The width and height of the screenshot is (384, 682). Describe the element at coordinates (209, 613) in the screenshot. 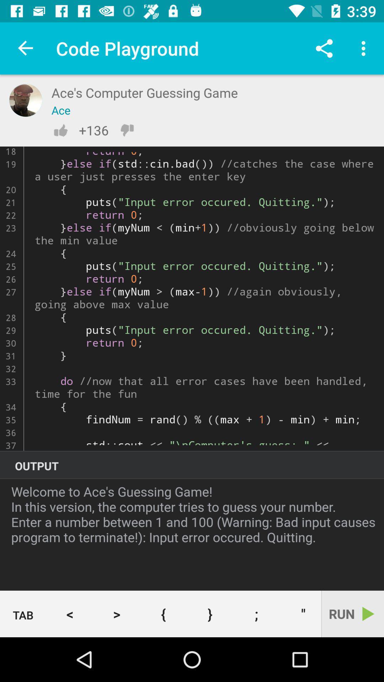

I see `} button` at that location.